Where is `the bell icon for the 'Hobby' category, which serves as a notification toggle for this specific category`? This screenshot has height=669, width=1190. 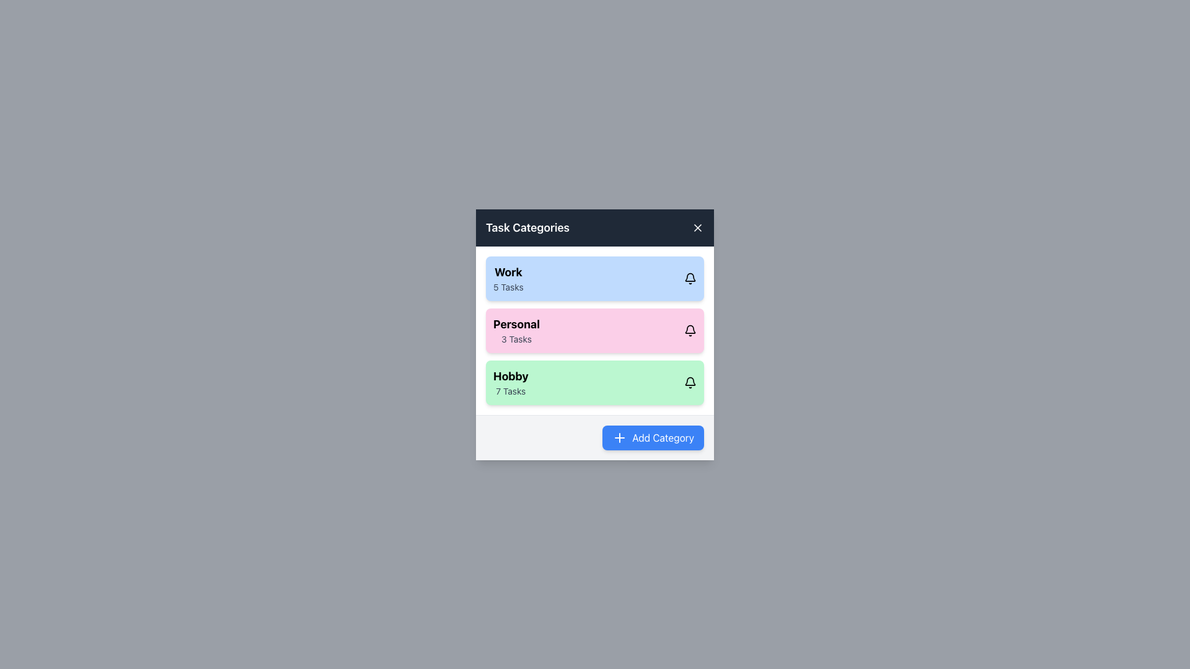 the bell icon for the 'Hobby' category, which serves as a notification toggle for this specific category is located at coordinates (689, 382).